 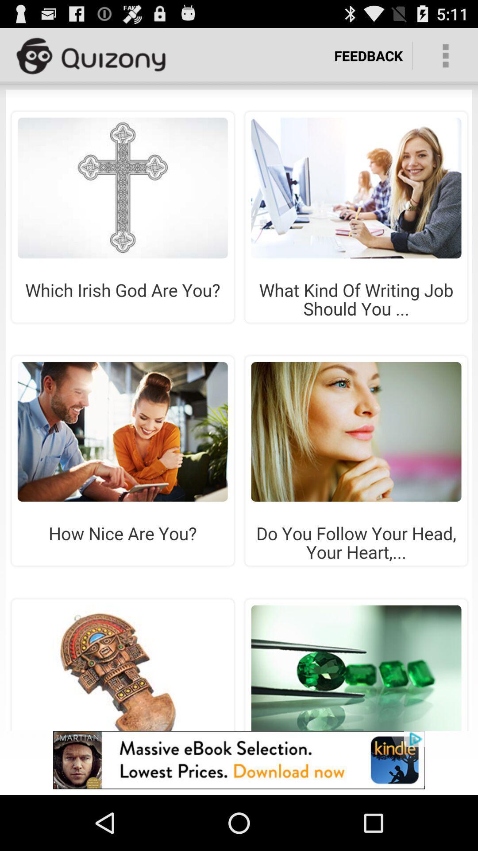 What do you see at coordinates (239, 410) in the screenshot?
I see `the add` at bounding box center [239, 410].